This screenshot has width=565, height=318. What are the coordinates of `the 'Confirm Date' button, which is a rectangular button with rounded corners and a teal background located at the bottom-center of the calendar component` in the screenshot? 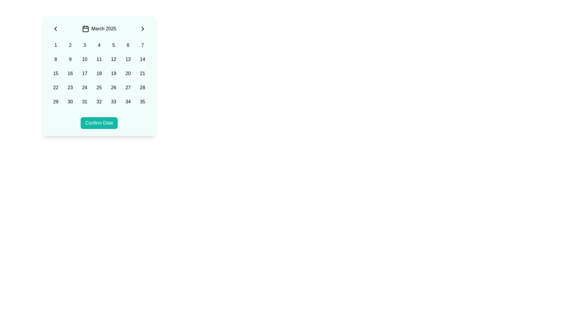 It's located at (99, 122).